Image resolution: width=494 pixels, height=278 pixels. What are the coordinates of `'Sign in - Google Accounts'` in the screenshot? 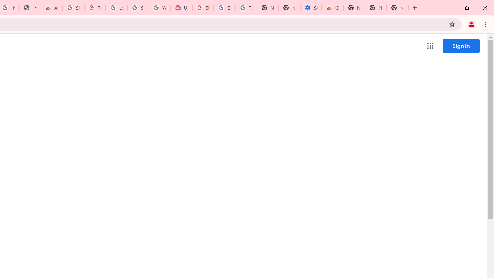 It's located at (73, 8).